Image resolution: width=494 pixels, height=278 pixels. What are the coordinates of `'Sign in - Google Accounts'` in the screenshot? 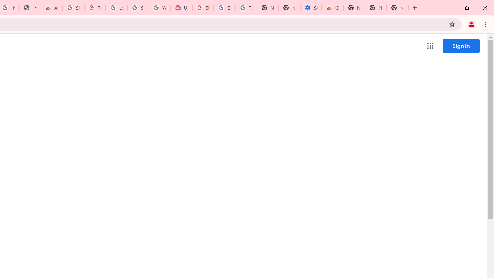 It's located at (73, 8).